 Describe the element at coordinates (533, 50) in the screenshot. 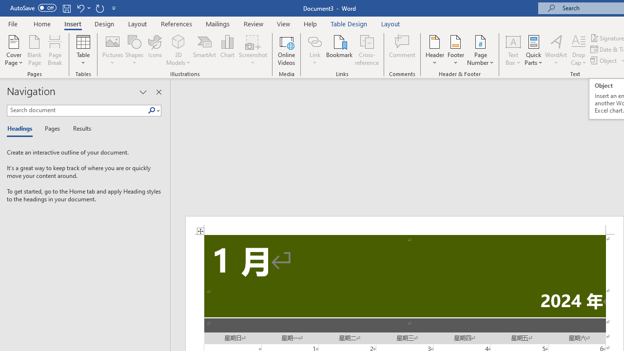

I see `'Quick Parts'` at that location.